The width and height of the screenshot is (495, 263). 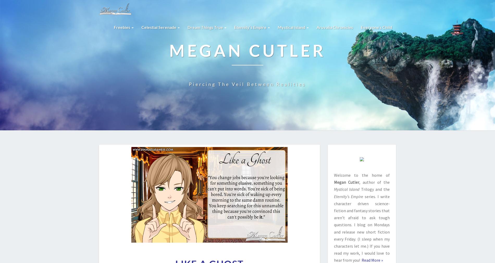 I want to click on 'Celestial Serenade', so click(x=159, y=27).